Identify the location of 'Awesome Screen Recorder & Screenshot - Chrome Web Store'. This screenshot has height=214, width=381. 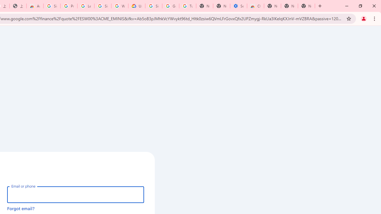
(35, 6).